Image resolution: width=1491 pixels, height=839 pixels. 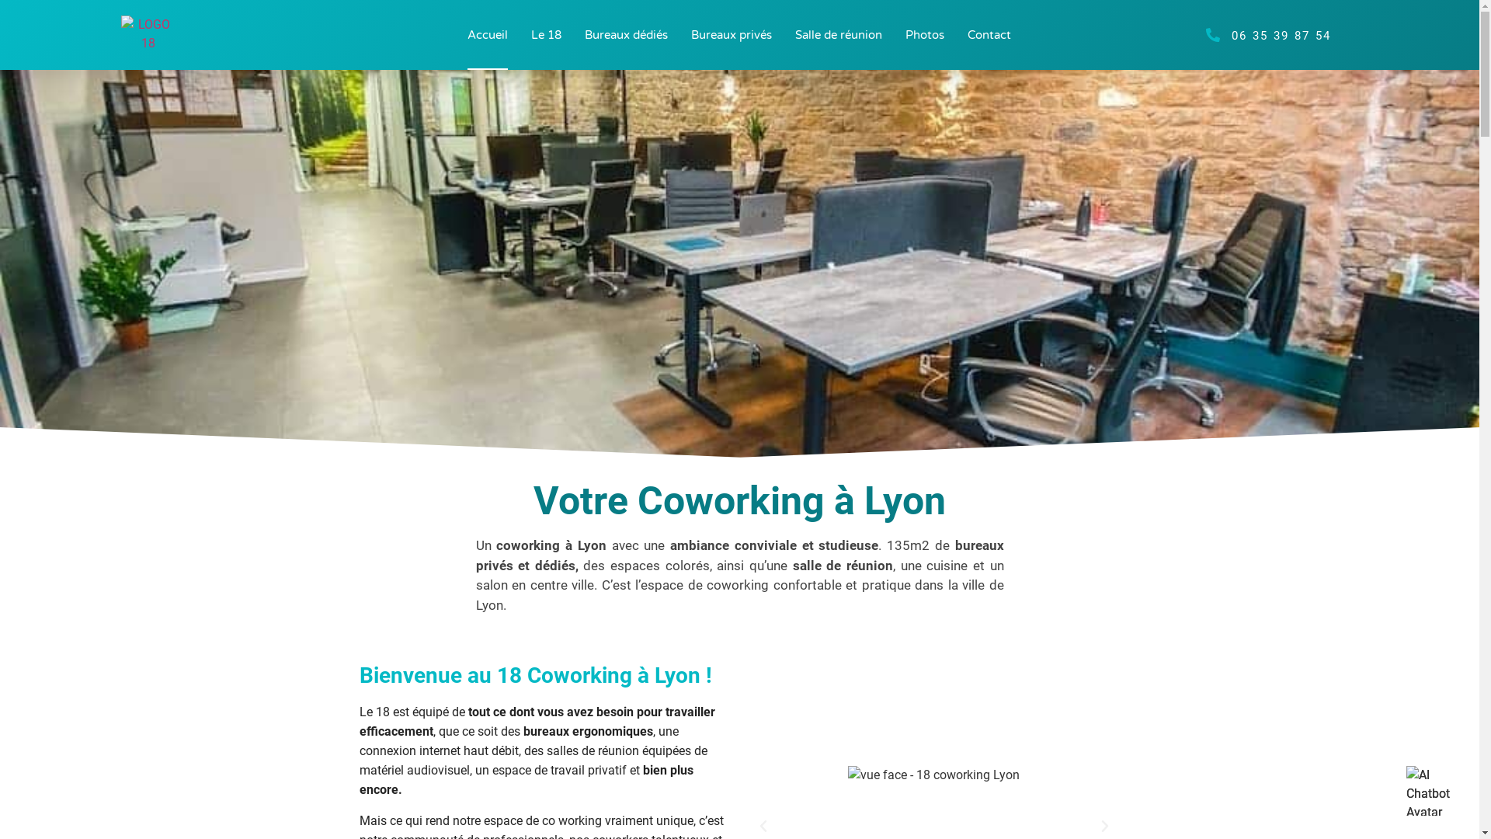 I want to click on 'Accueil', so click(x=487, y=35).